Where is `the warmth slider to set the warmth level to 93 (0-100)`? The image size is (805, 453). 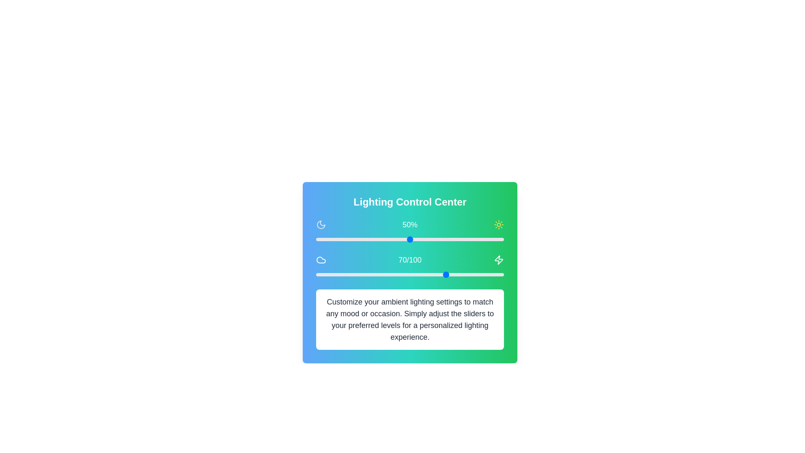
the warmth slider to set the warmth level to 93 (0-100) is located at coordinates (491, 275).